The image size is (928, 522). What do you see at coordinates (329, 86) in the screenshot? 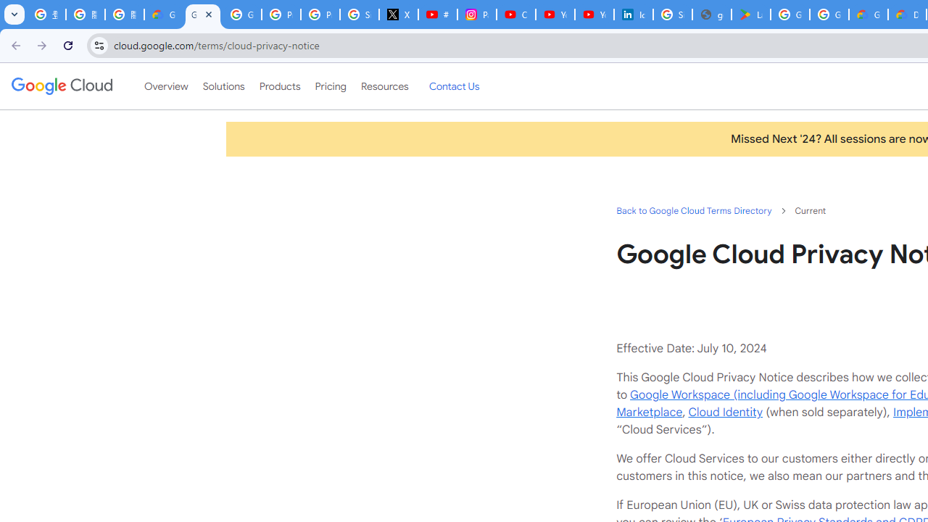
I see `'Pricing'` at bounding box center [329, 86].